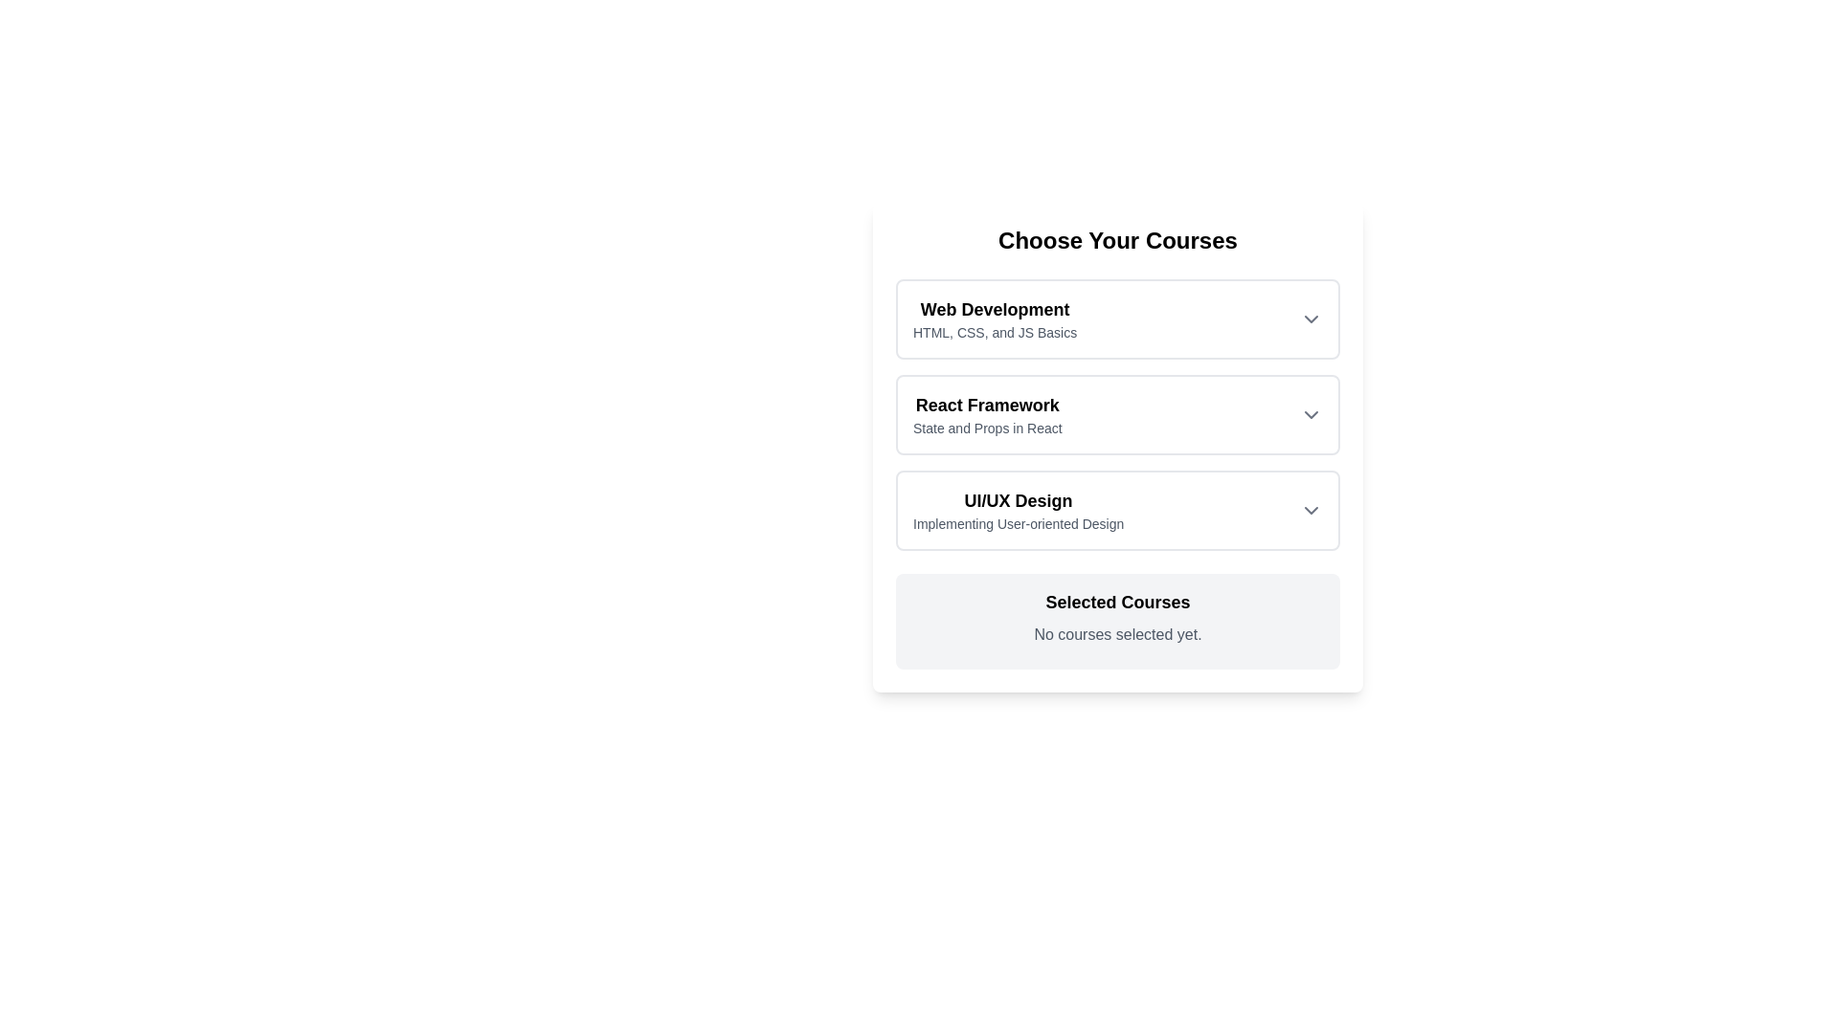 This screenshot has width=1838, height=1033. What do you see at coordinates (987, 427) in the screenshot?
I see `the text label providing information about the course 'React Framework', located below the title in the second block of 'Choose Your Courses'` at bounding box center [987, 427].